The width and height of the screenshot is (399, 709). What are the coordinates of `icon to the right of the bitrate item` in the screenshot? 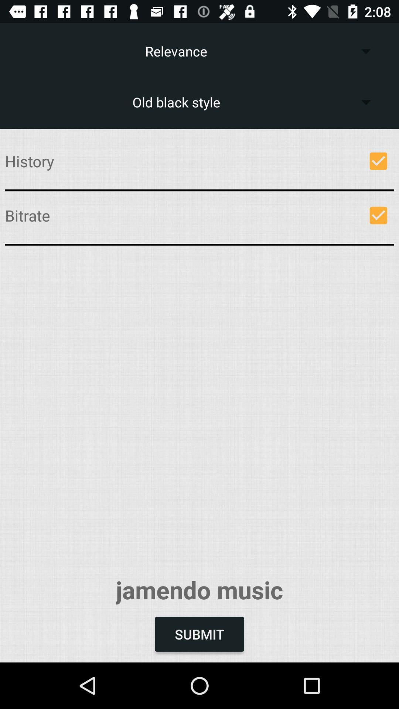 It's located at (378, 215).